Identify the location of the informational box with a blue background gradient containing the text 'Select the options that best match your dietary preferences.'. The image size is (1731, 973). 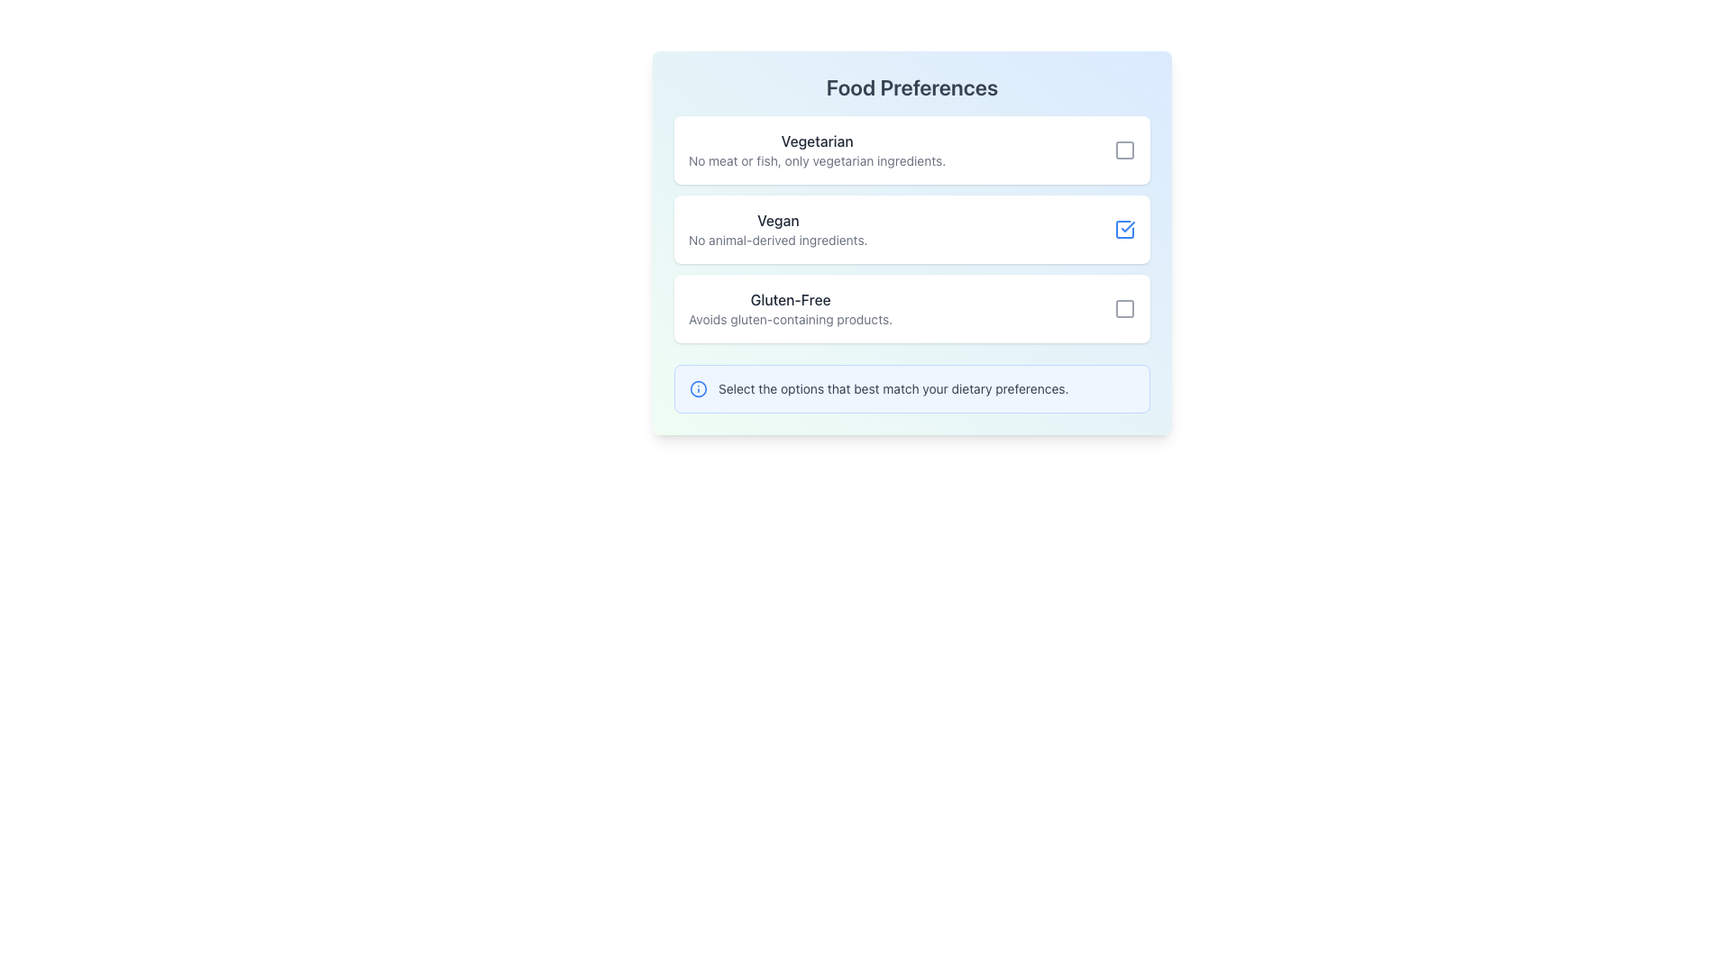
(912, 388).